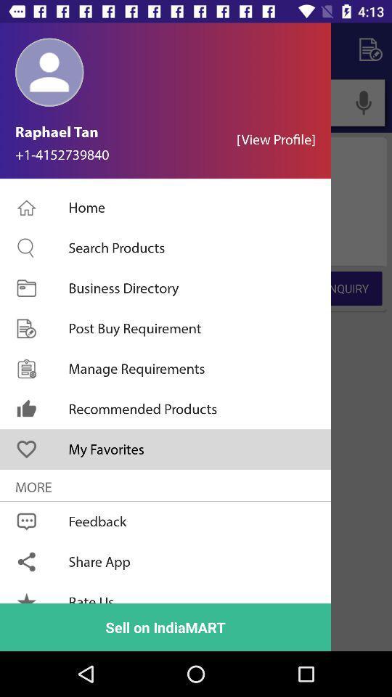 The height and width of the screenshot is (697, 392). What do you see at coordinates (363, 102) in the screenshot?
I see `the microphone icon` at bounding box center [363, 102].